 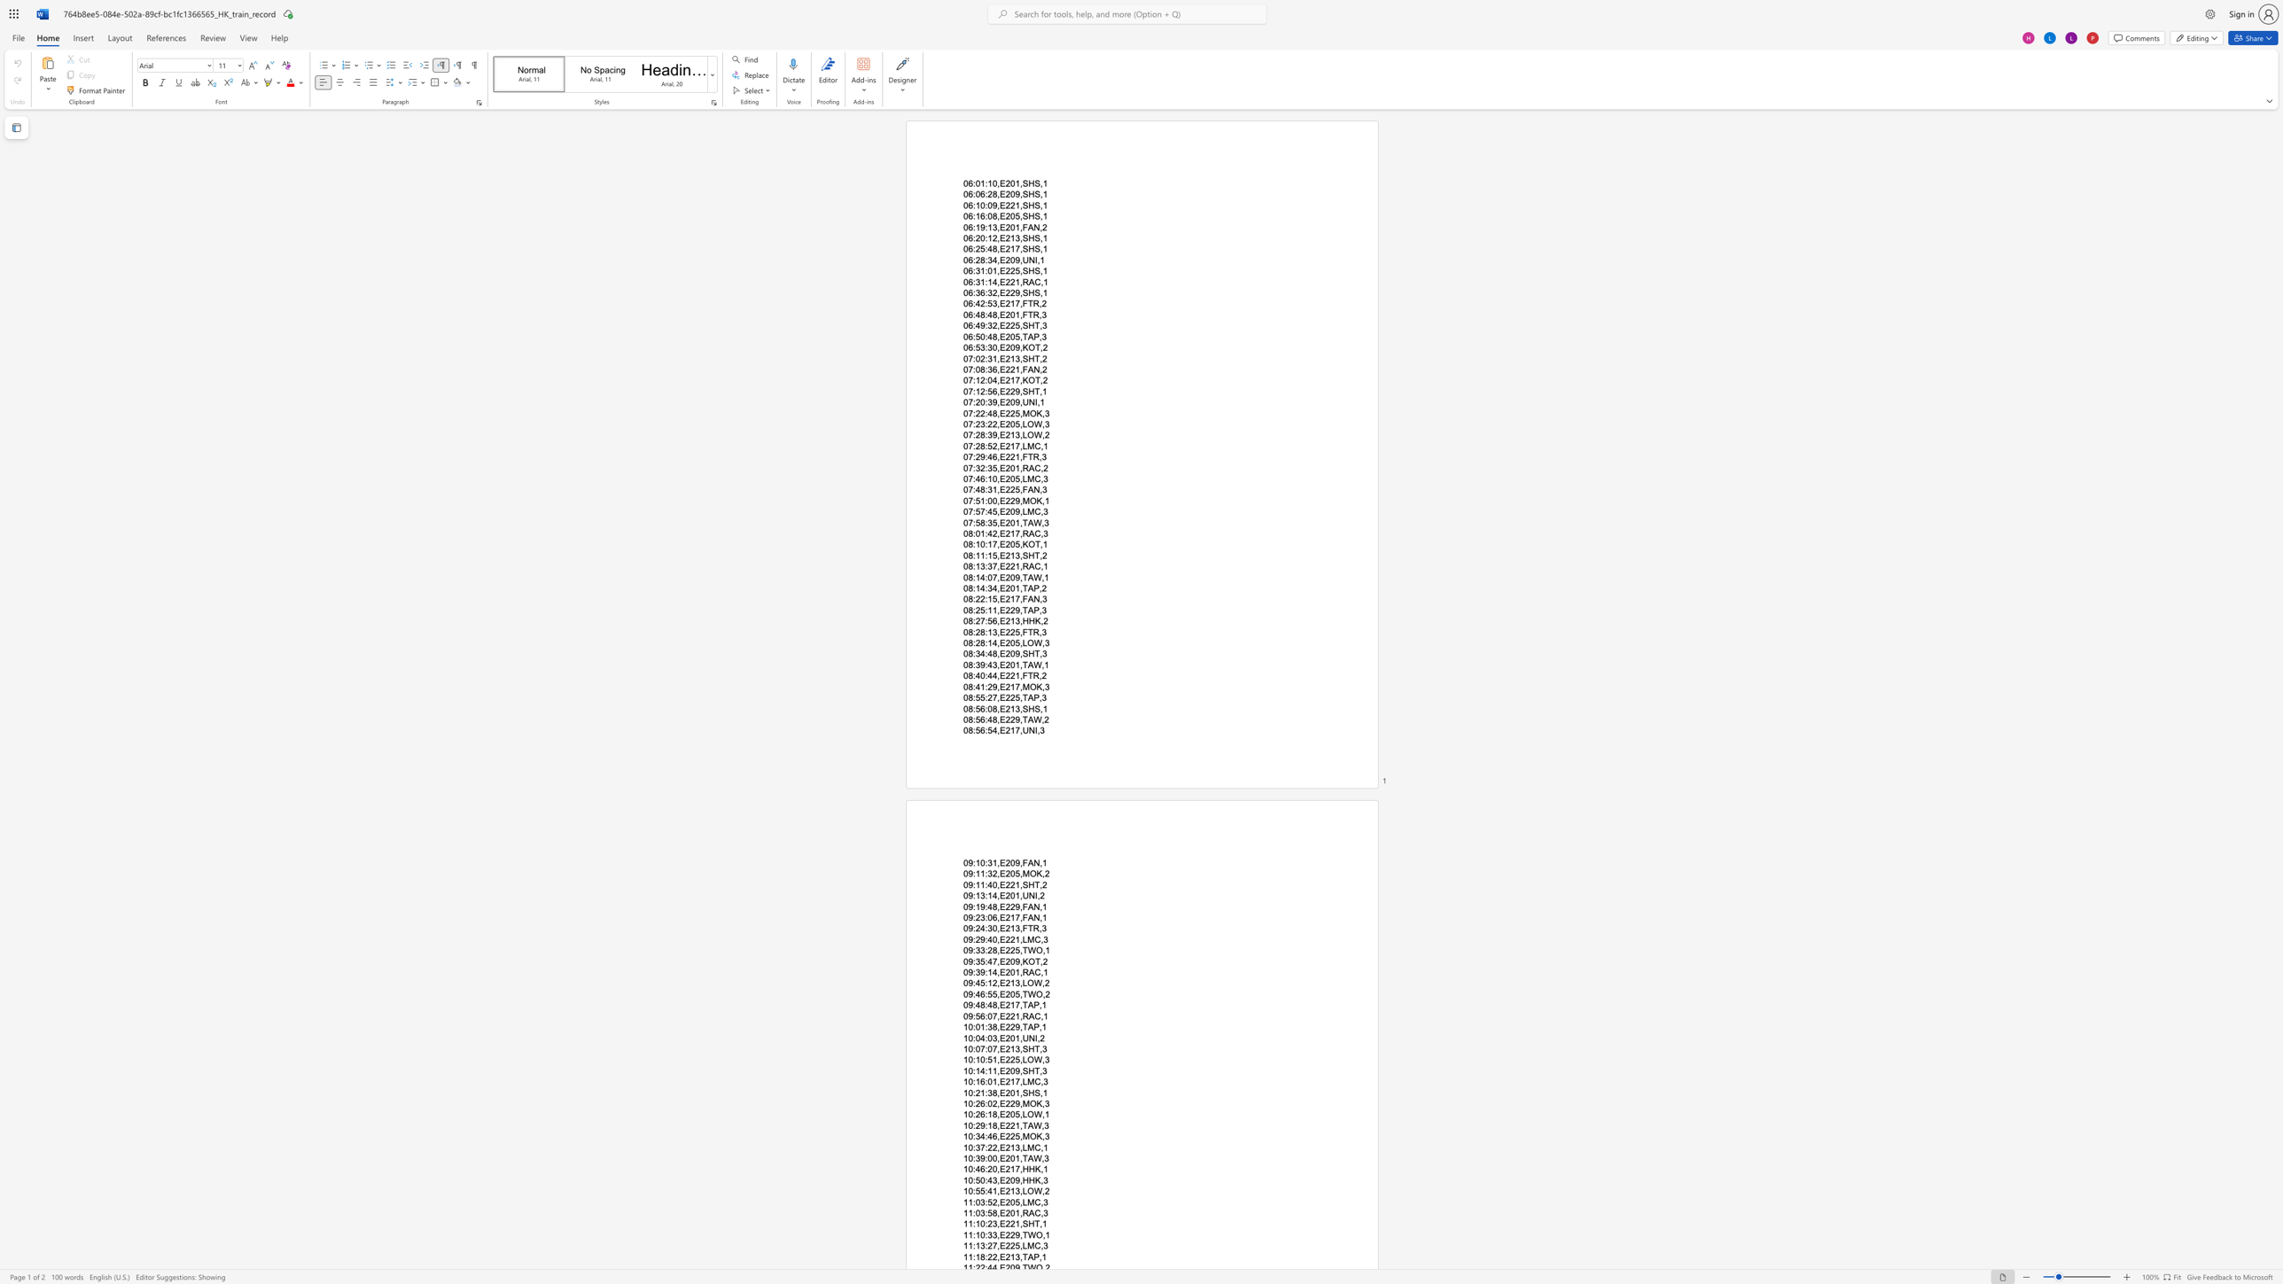 I want to click on the subset text "2,E229,M" within the text "10:26:02,E229,MOK,3", so click(x=992, y=1102).